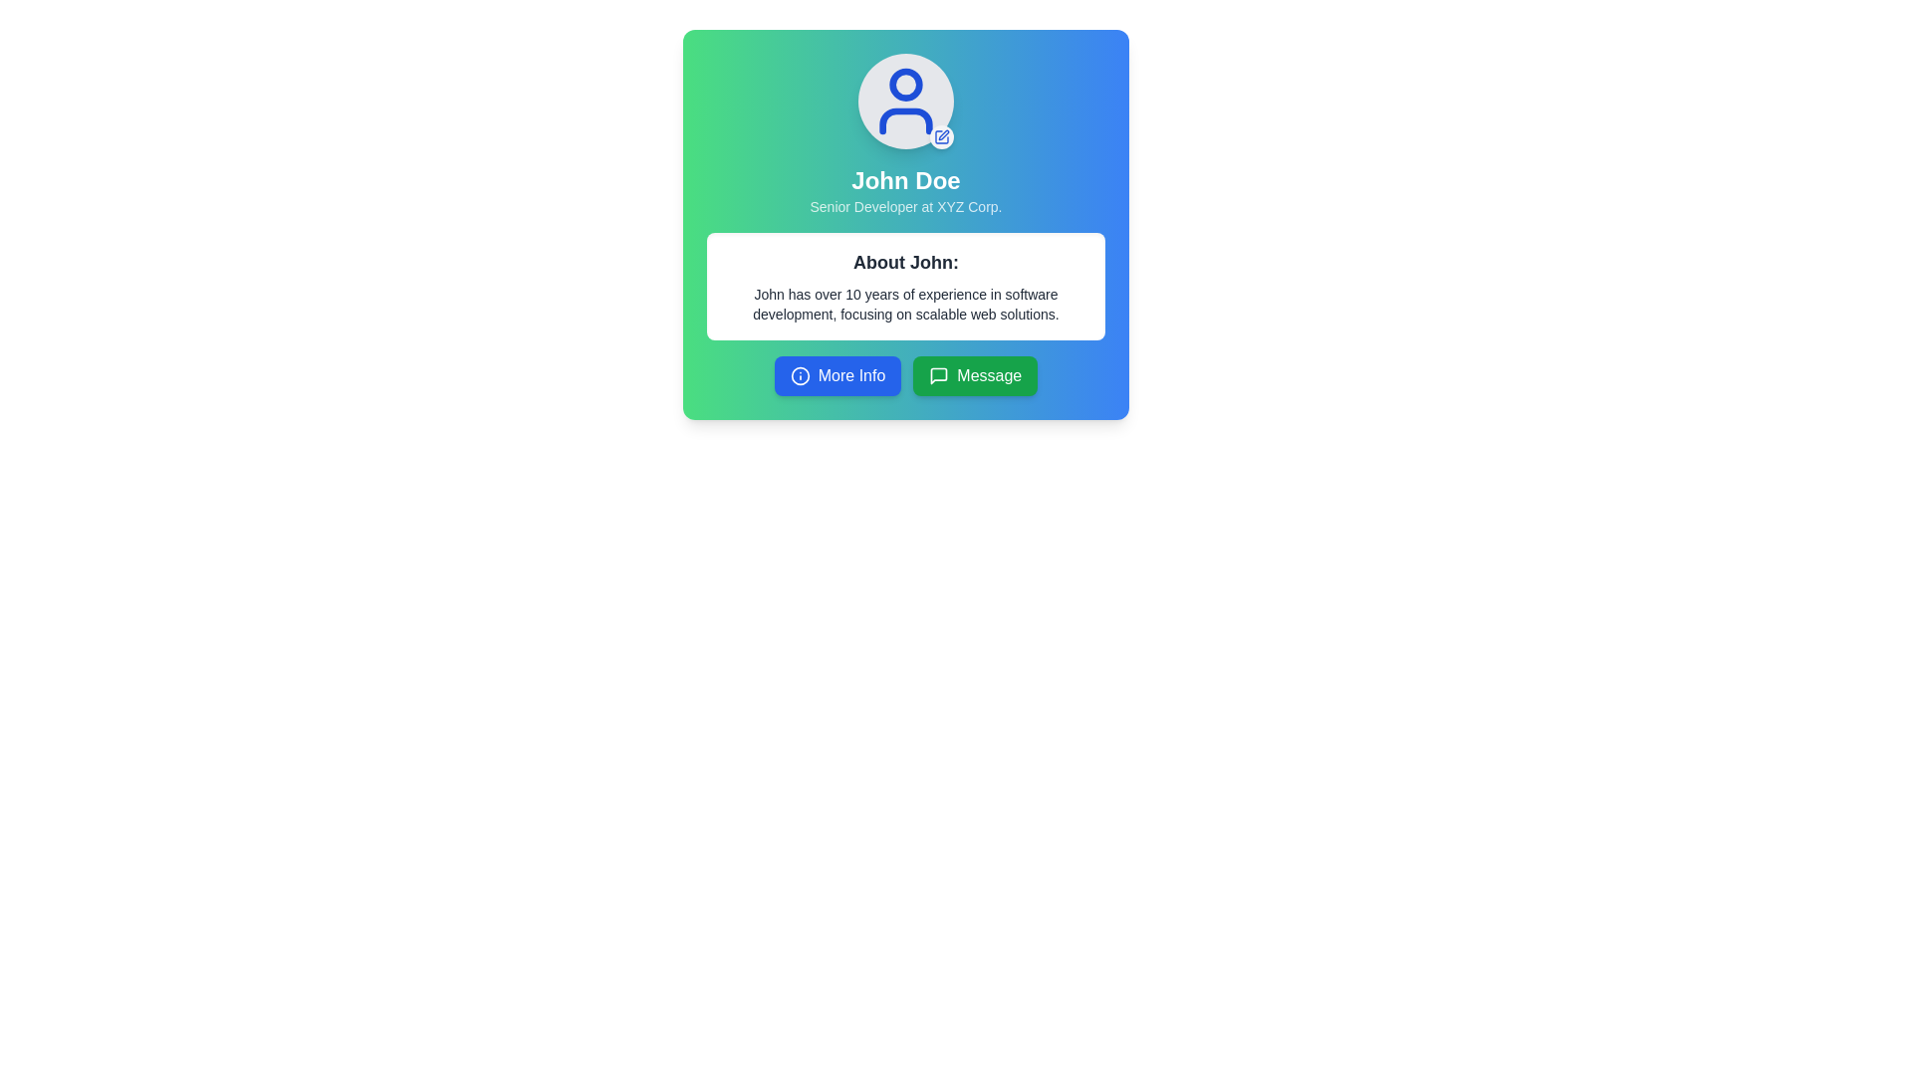 The width and height of the screenshot is (1912, 1075). What do you see at coordinates (800, 376) in the screenshot?
I see `the information icon located to the left of the 'More Info' text on the button, which represents an information-related action` at bounding box center [800, 376].